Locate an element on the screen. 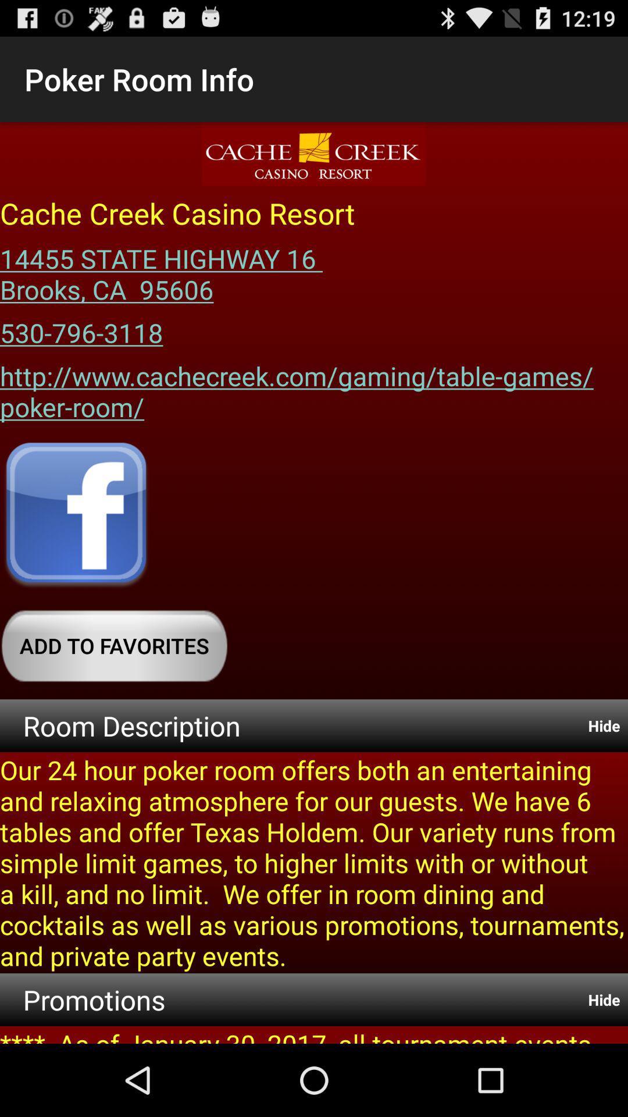 This screenshot has width=628, height=1117. open facebook is located at coordinates (76, 515).